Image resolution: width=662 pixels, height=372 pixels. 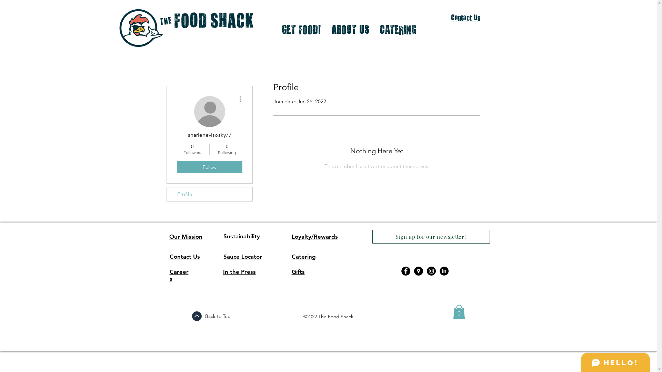 What do you see at coordinates (350, 29) in the screenshot?
I see `'ABOUT US'` at bounding box center [350, 29].